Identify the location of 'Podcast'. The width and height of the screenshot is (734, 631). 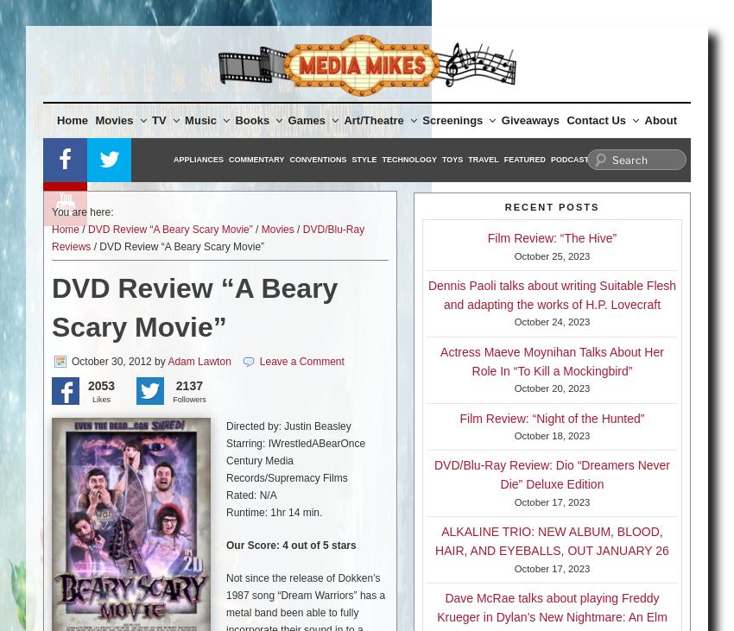
(569, 160).